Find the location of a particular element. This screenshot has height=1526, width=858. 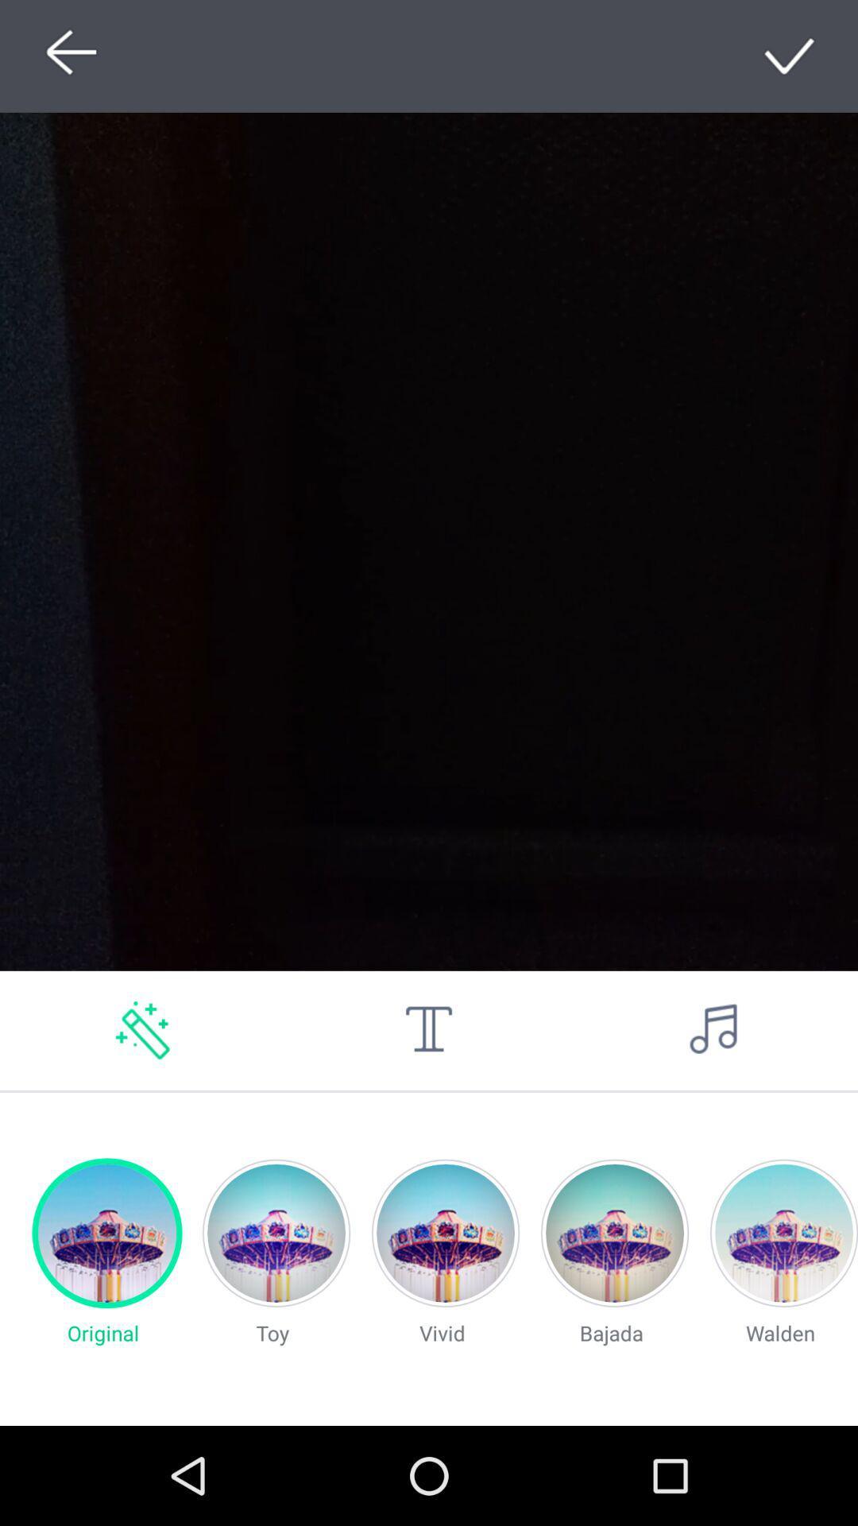

a magic wand icon is located at coordinates (143, 1030).